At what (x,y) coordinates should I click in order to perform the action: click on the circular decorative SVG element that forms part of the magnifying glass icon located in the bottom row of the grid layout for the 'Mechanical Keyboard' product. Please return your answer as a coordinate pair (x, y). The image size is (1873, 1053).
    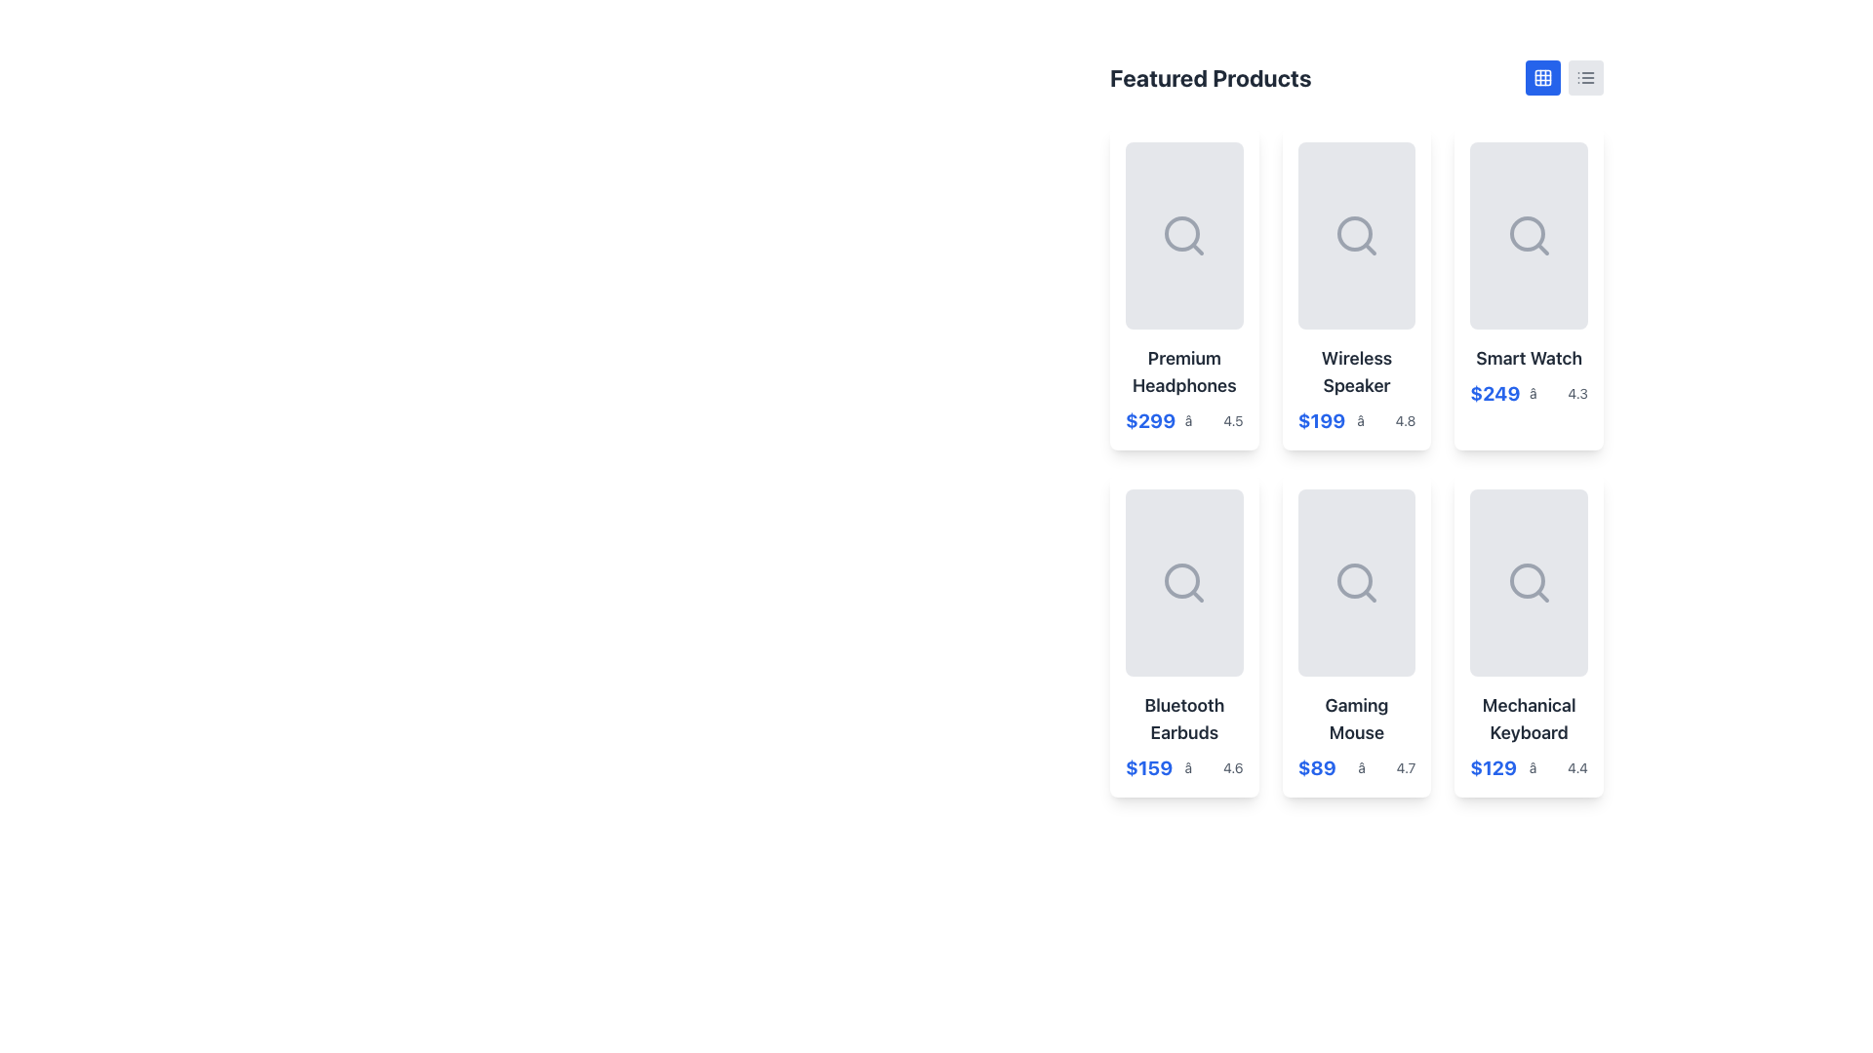
    Looking at the image, I should click on (1526, 580).